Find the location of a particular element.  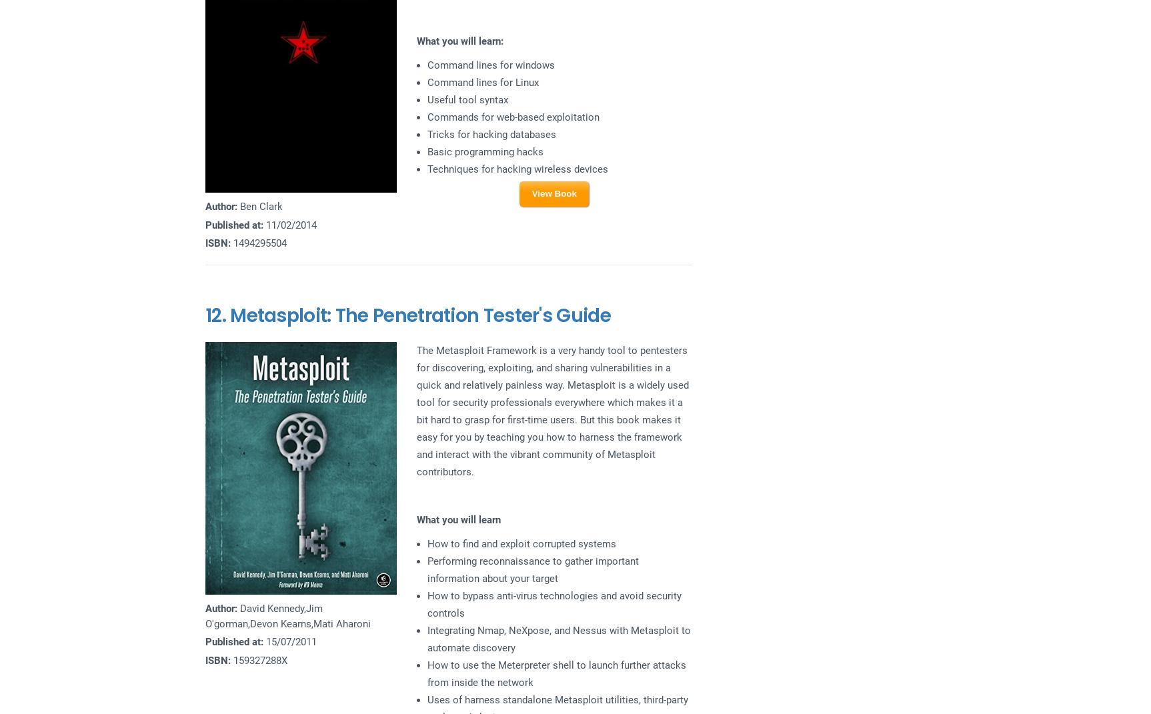

'159327288X' is located at coordinates (259, 659).